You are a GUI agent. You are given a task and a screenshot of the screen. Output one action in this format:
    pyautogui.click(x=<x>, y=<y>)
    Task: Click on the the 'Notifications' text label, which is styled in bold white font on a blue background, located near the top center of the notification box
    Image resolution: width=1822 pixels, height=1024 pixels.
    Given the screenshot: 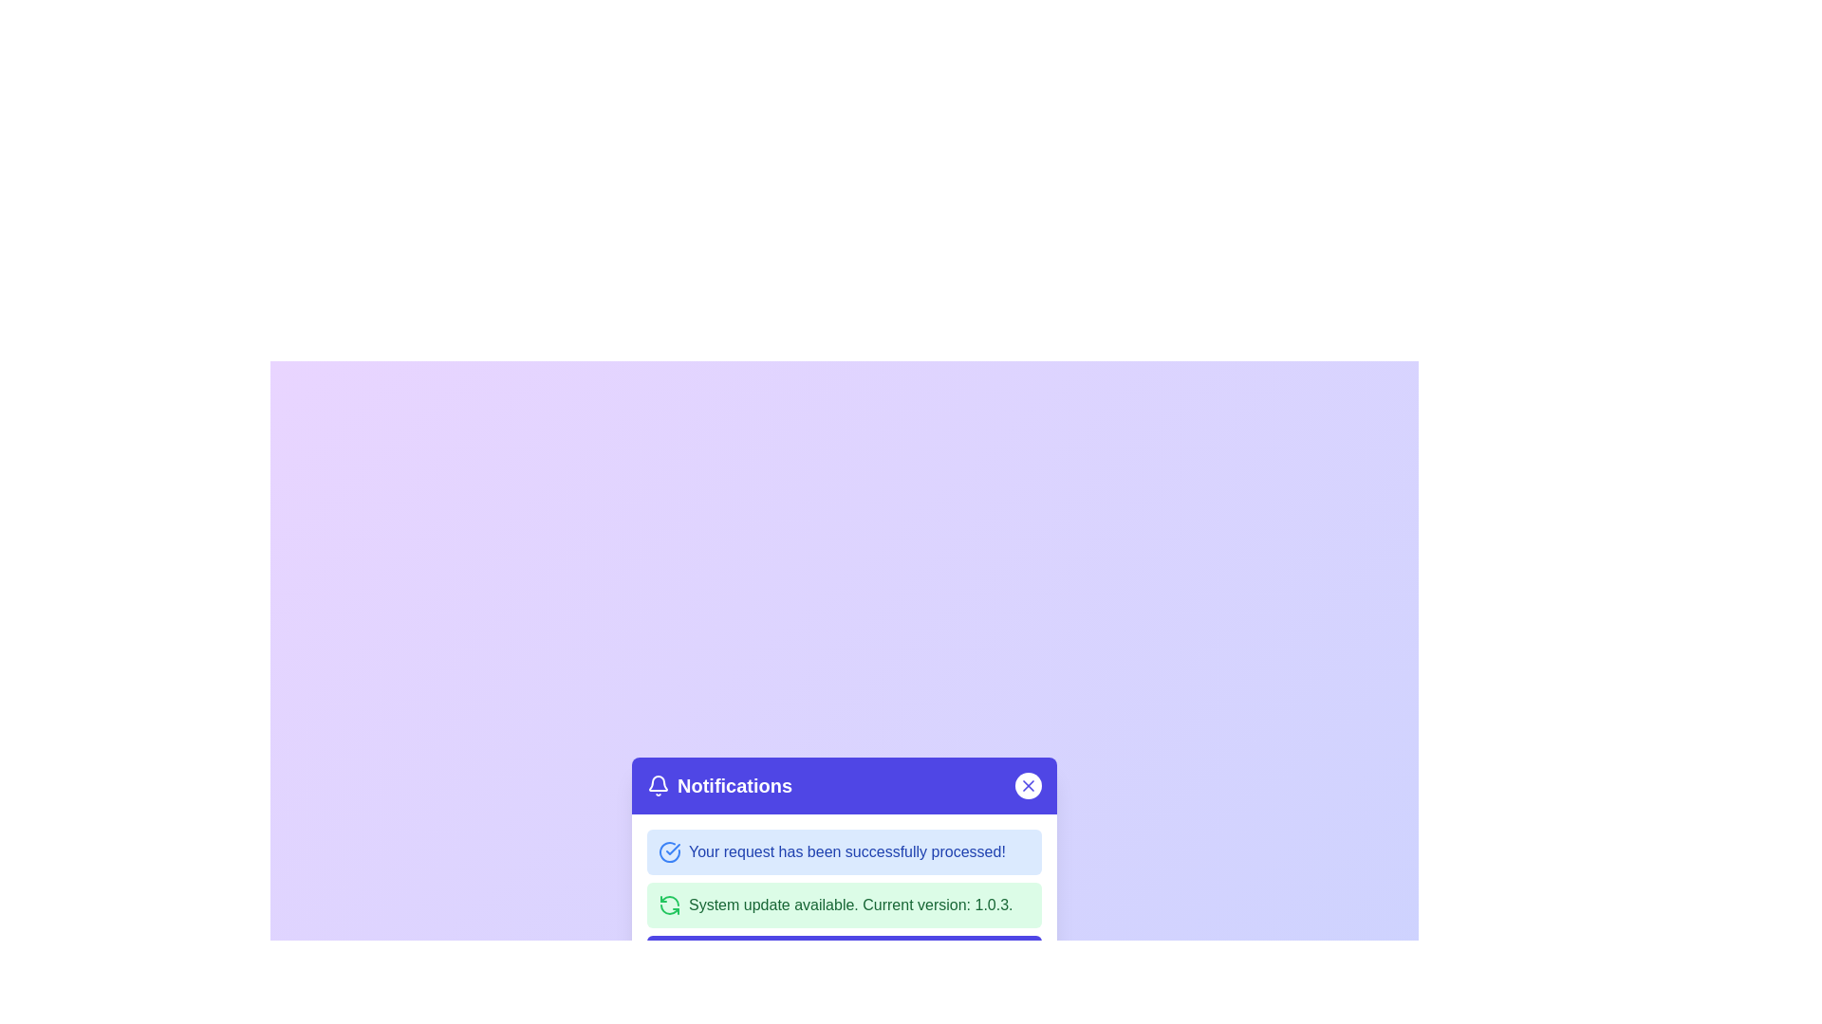 What is the action you would take?
    pyautogui.click(x=734, y=786)
    